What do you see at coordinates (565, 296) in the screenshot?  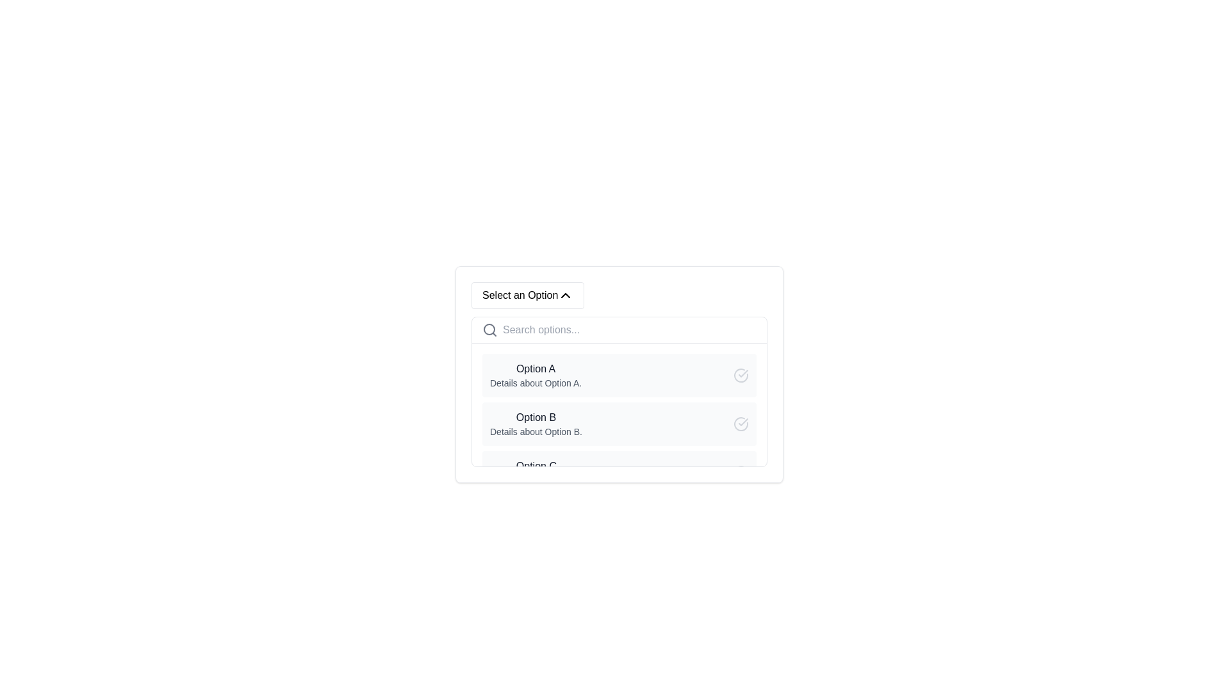 I see `the Chevron-Down icon located at the right end of the 'Select an Option' button` at bounding box center [565, 296].